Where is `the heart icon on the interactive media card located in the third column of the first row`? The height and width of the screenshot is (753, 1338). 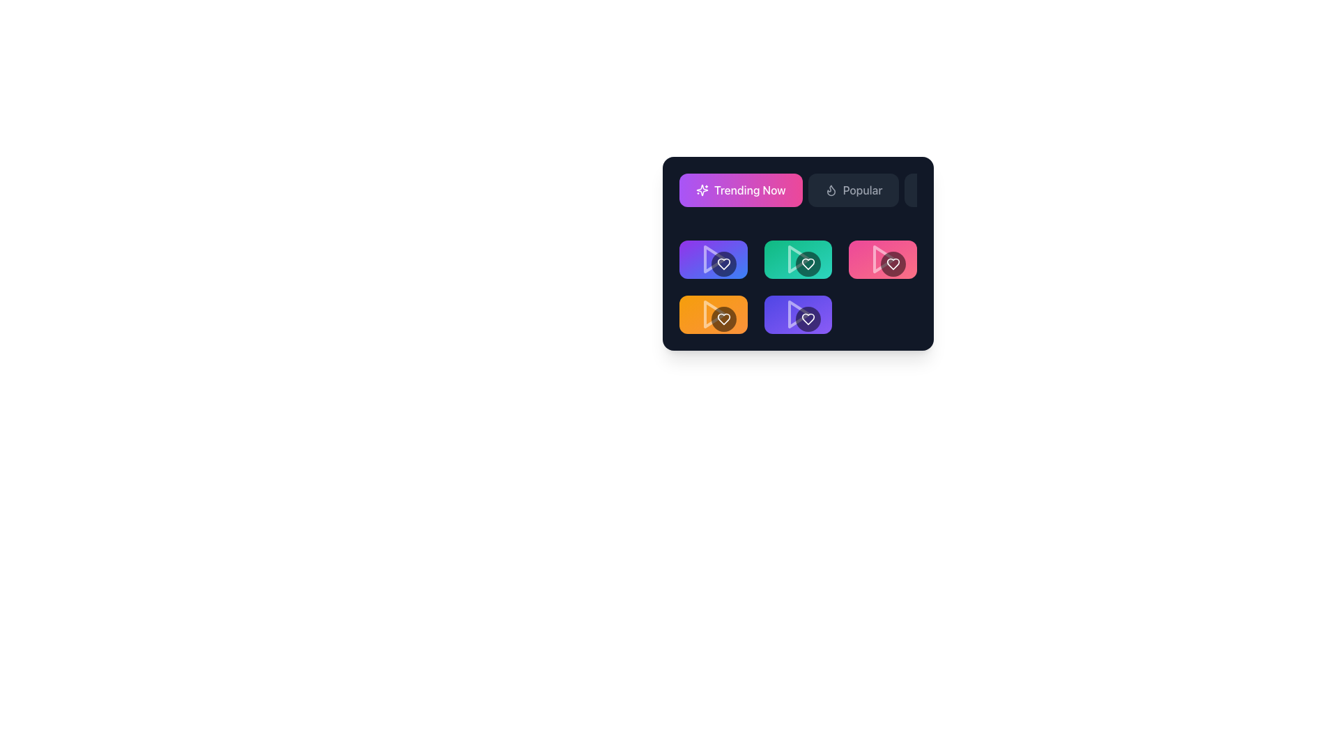
the heart icon on the interactive media card located in the third column of the first row is located at coordinates (882, 259).